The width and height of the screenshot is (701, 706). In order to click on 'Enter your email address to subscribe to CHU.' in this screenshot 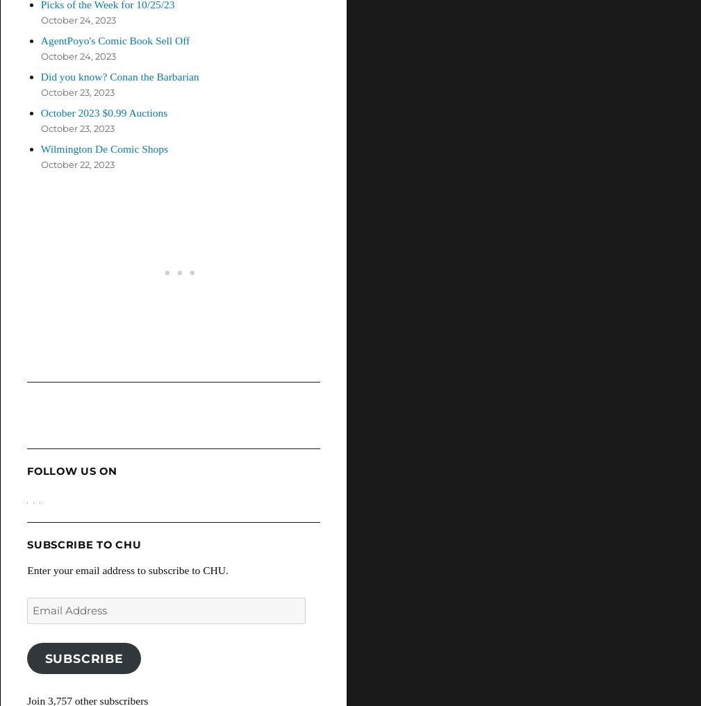, I will do `click(126, 569)`.